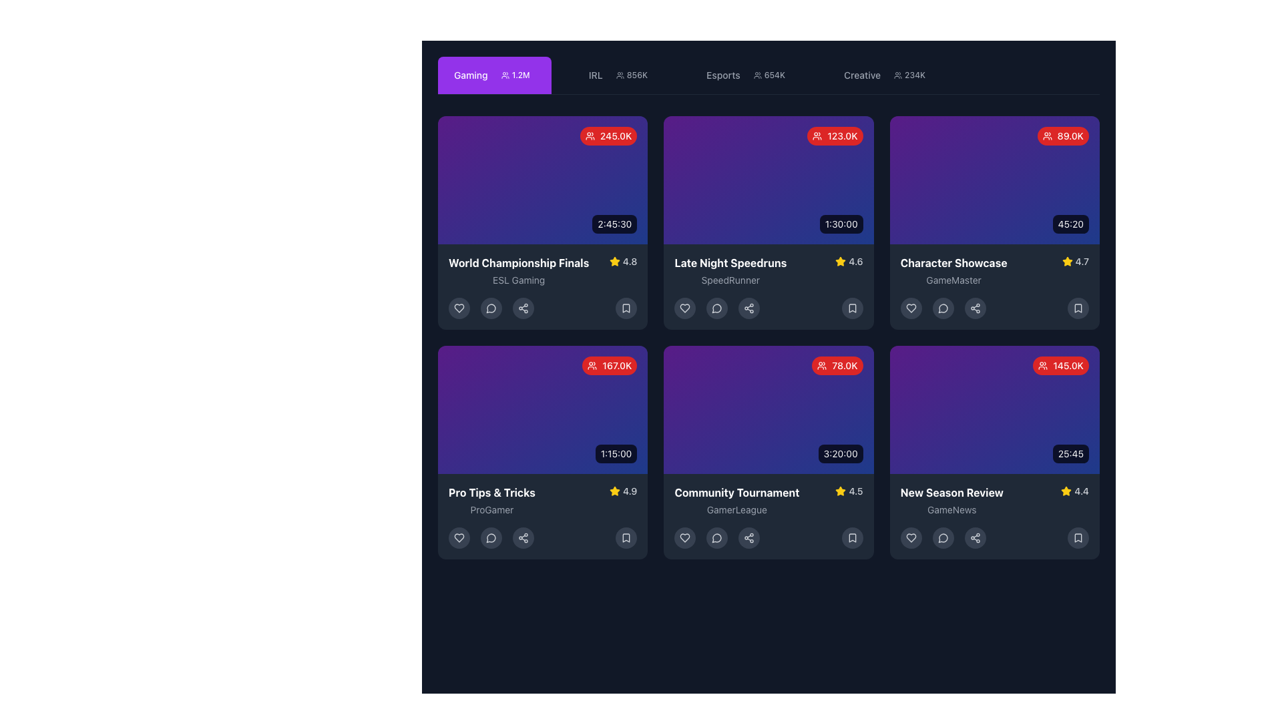  I want to click on text 'Late Night Speedruns' and 'SpeedRunner' from the Text component in the card layout, which is styled with bold white and light gray fonts respectively, located in the second column of the top row of the grid of cards, so click(730, 270).